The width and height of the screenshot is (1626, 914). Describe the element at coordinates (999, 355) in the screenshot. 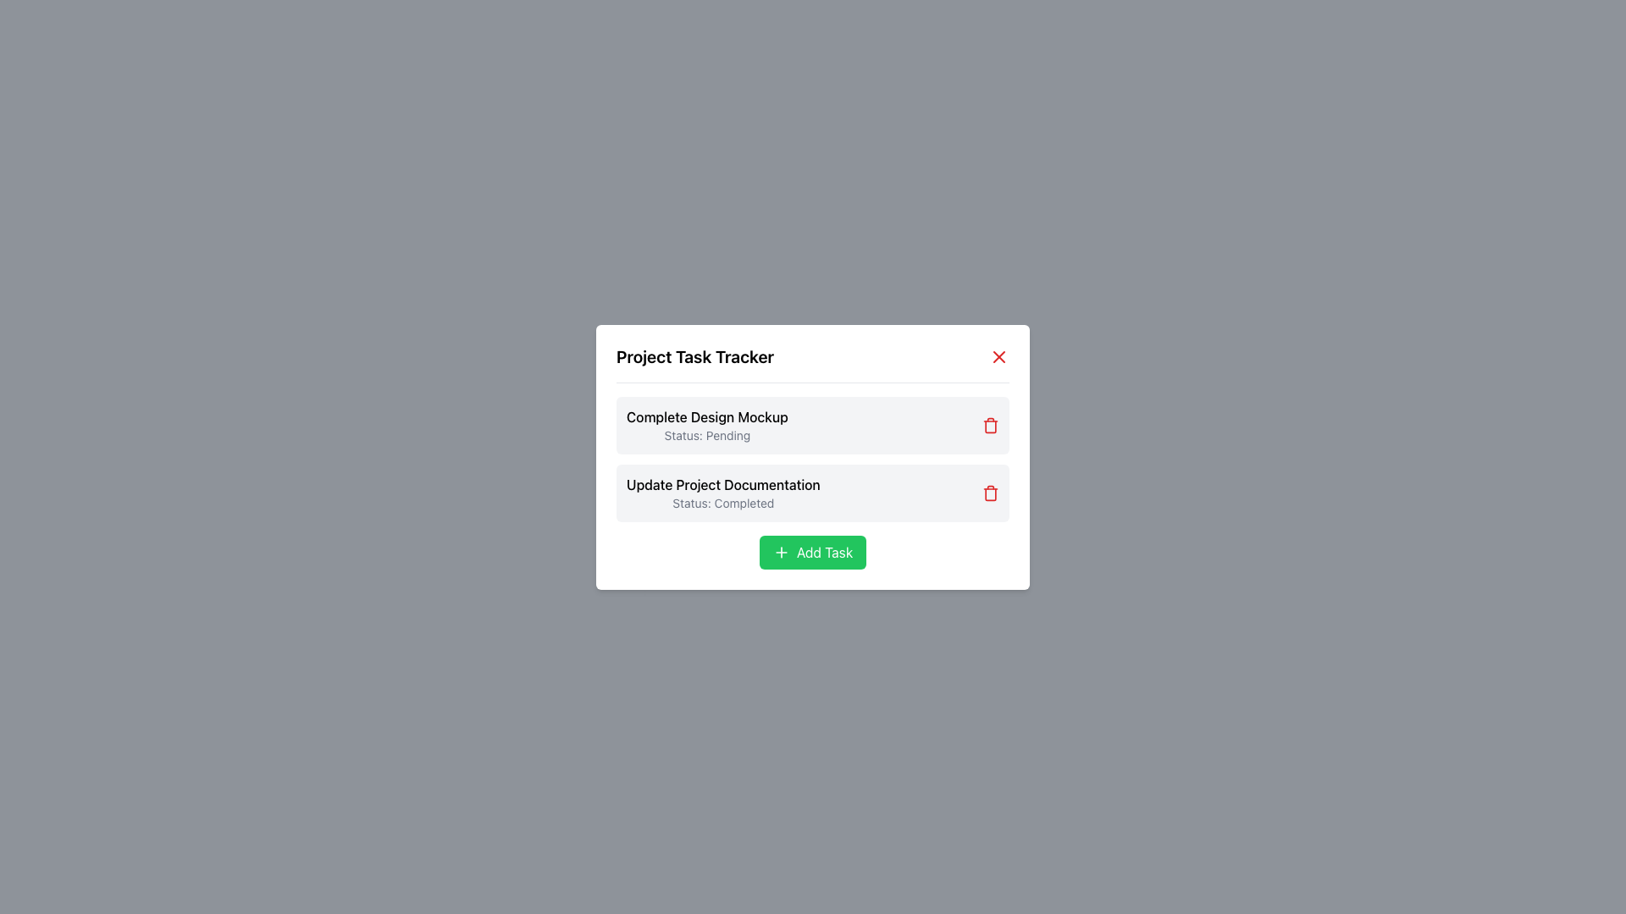

I see `the close button located at the top-right corner of the 'Project Task Tracker' modal dialog` at that location.